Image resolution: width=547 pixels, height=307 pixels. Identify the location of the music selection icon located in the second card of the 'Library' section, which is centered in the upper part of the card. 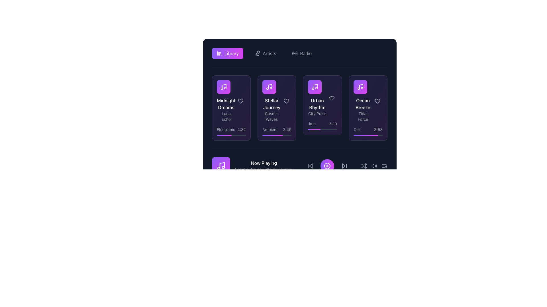
(269, 87).